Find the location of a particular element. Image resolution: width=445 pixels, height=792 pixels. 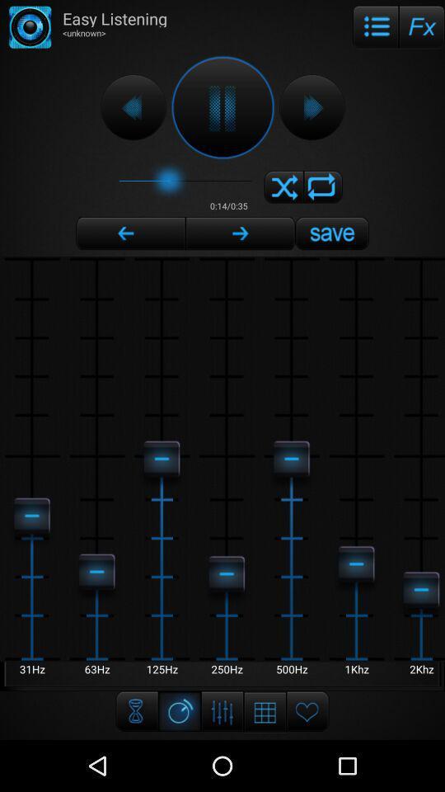

the close icon is located at coordinates (283, 199).